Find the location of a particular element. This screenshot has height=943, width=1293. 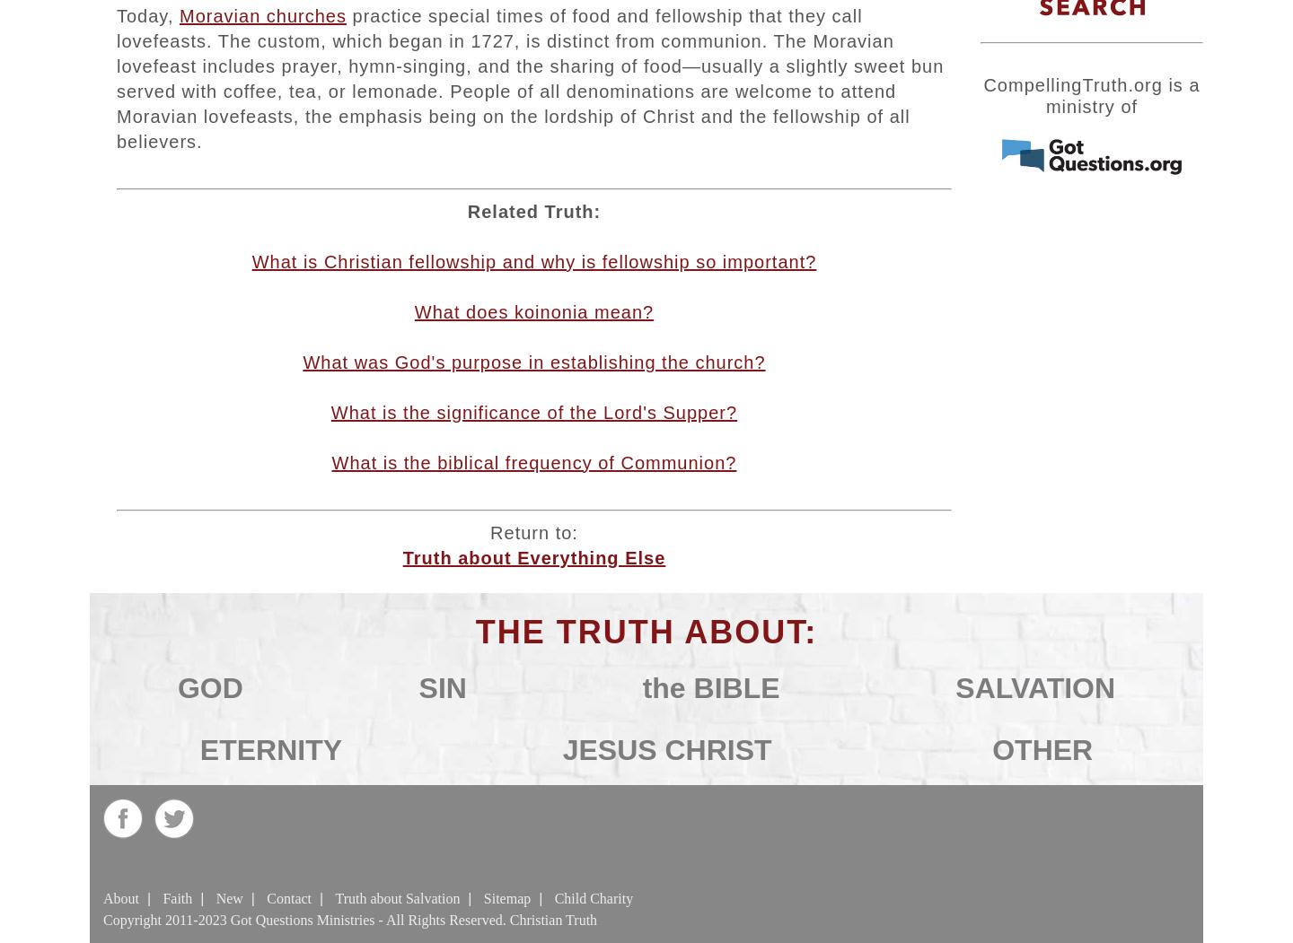

'Return to:' is located at coordinates (533, 531).